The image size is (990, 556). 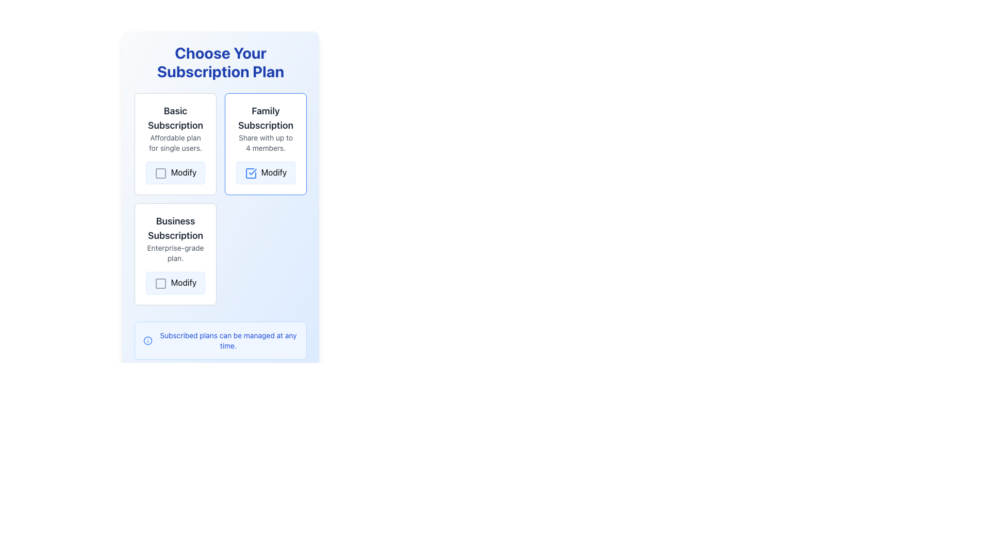 What do you see at coordinates (252, 171) in the screenshot?
I see `the checked state icon for the 'Family Subscription' option, which indicates that the option is active or selected, located centrally within the subscription card above the 'Modify' text` at bounding box center [252, 171].